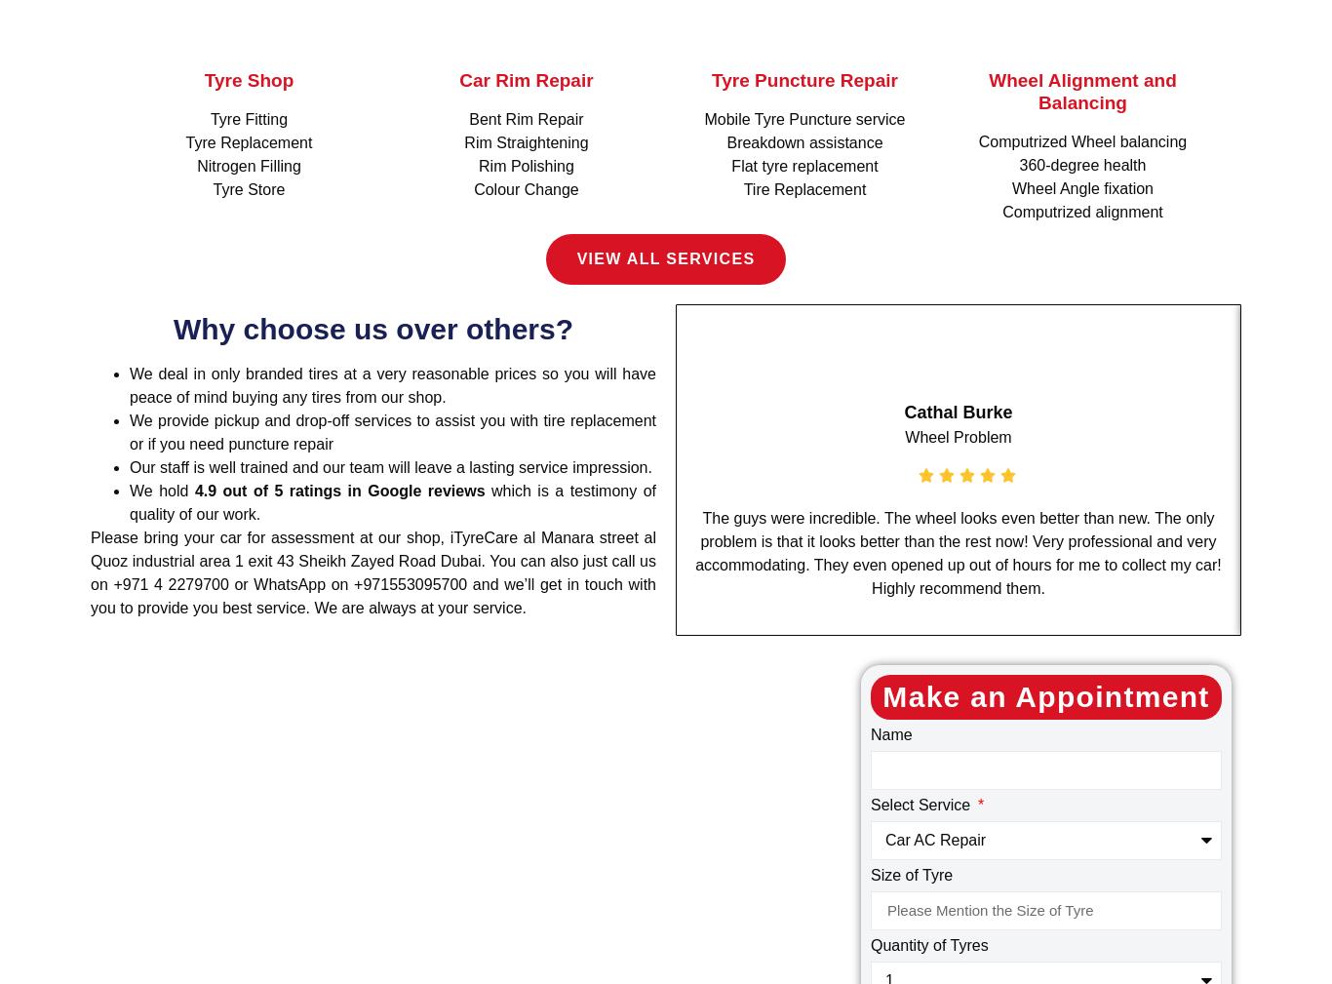 The height and width of the screenshot is (984, 1332). I want to click on 'Make an Appointment', so click(1044, 695).